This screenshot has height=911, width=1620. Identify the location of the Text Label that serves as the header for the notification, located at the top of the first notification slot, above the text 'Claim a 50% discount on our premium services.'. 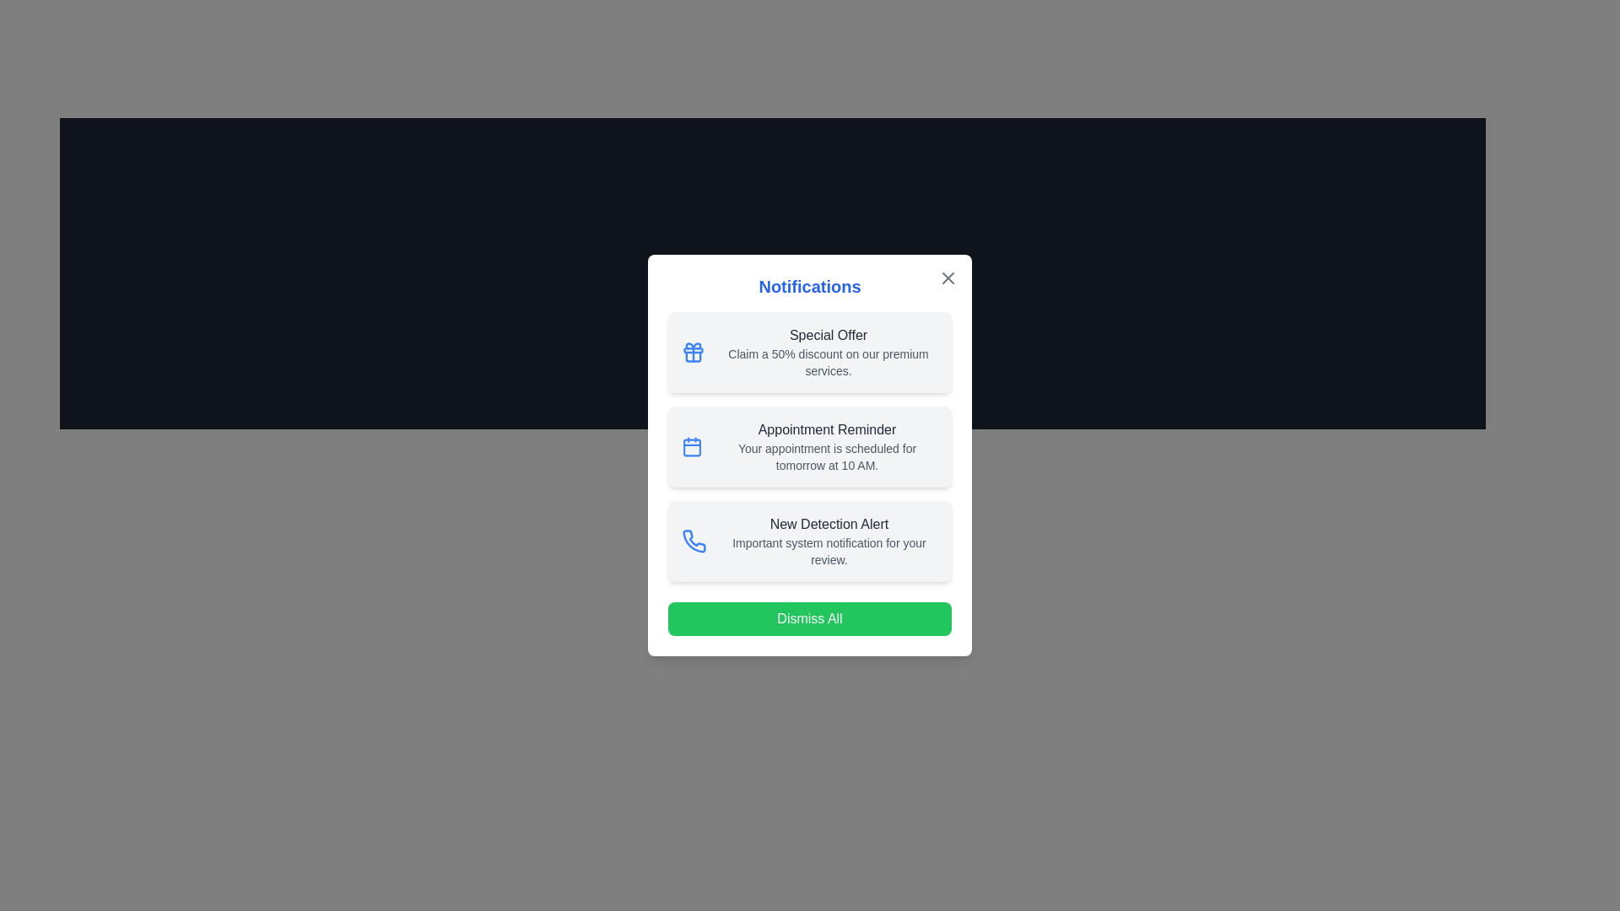
(829, 335).